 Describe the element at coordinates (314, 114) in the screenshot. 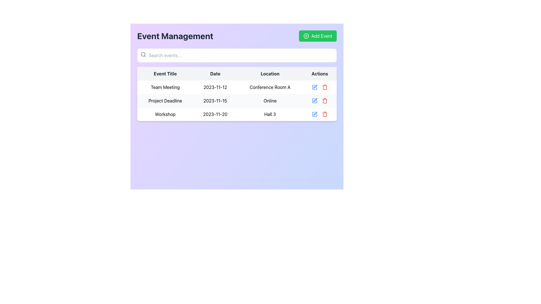

I see `the Icon Button located in the bottom row of the 'Actions' column in the table to initiate editing for the record` at that location.